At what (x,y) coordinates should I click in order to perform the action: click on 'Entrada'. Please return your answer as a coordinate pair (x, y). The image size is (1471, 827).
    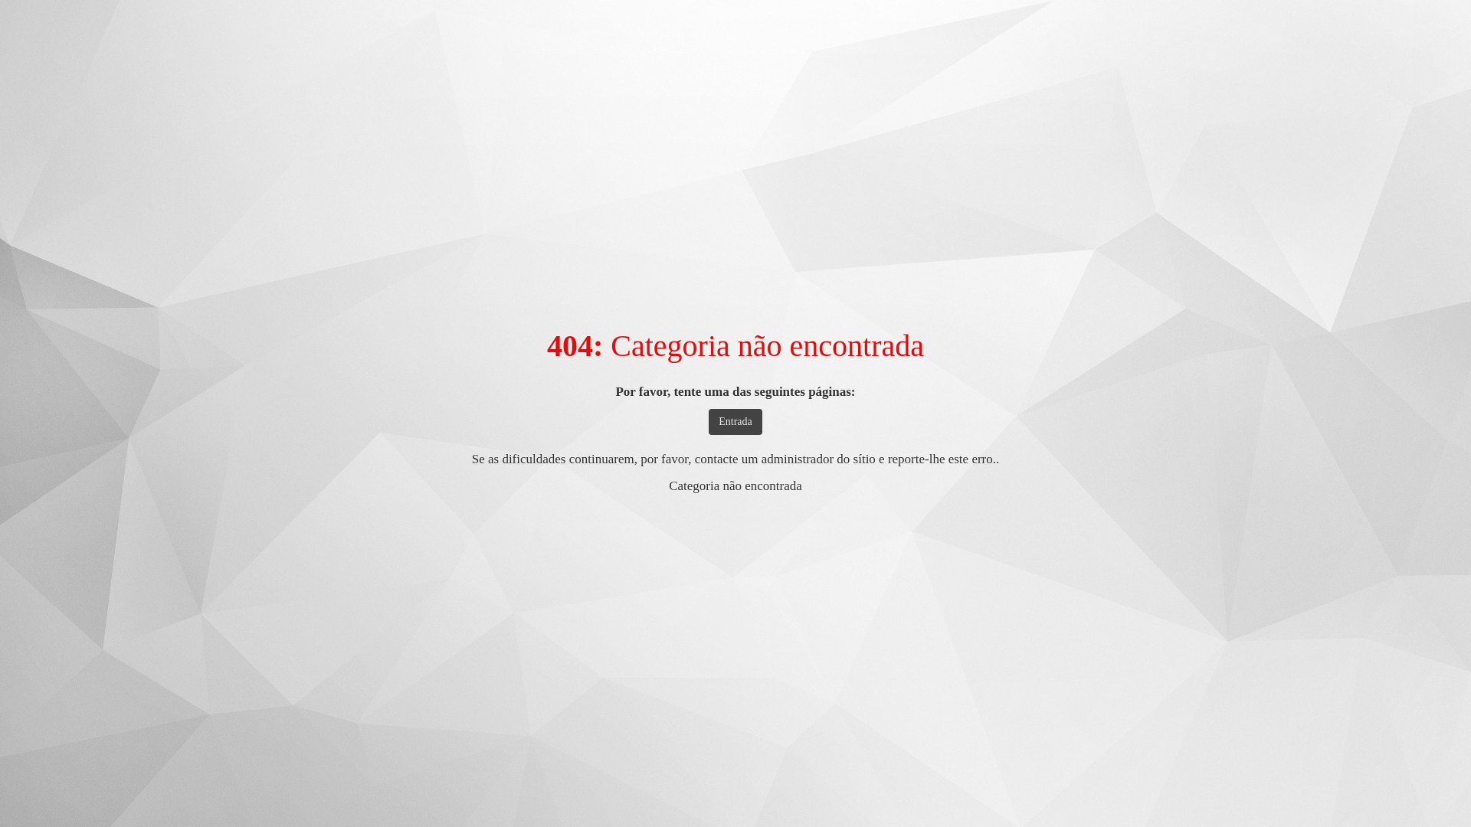
    Looking at the image, I should click on (708, 422).